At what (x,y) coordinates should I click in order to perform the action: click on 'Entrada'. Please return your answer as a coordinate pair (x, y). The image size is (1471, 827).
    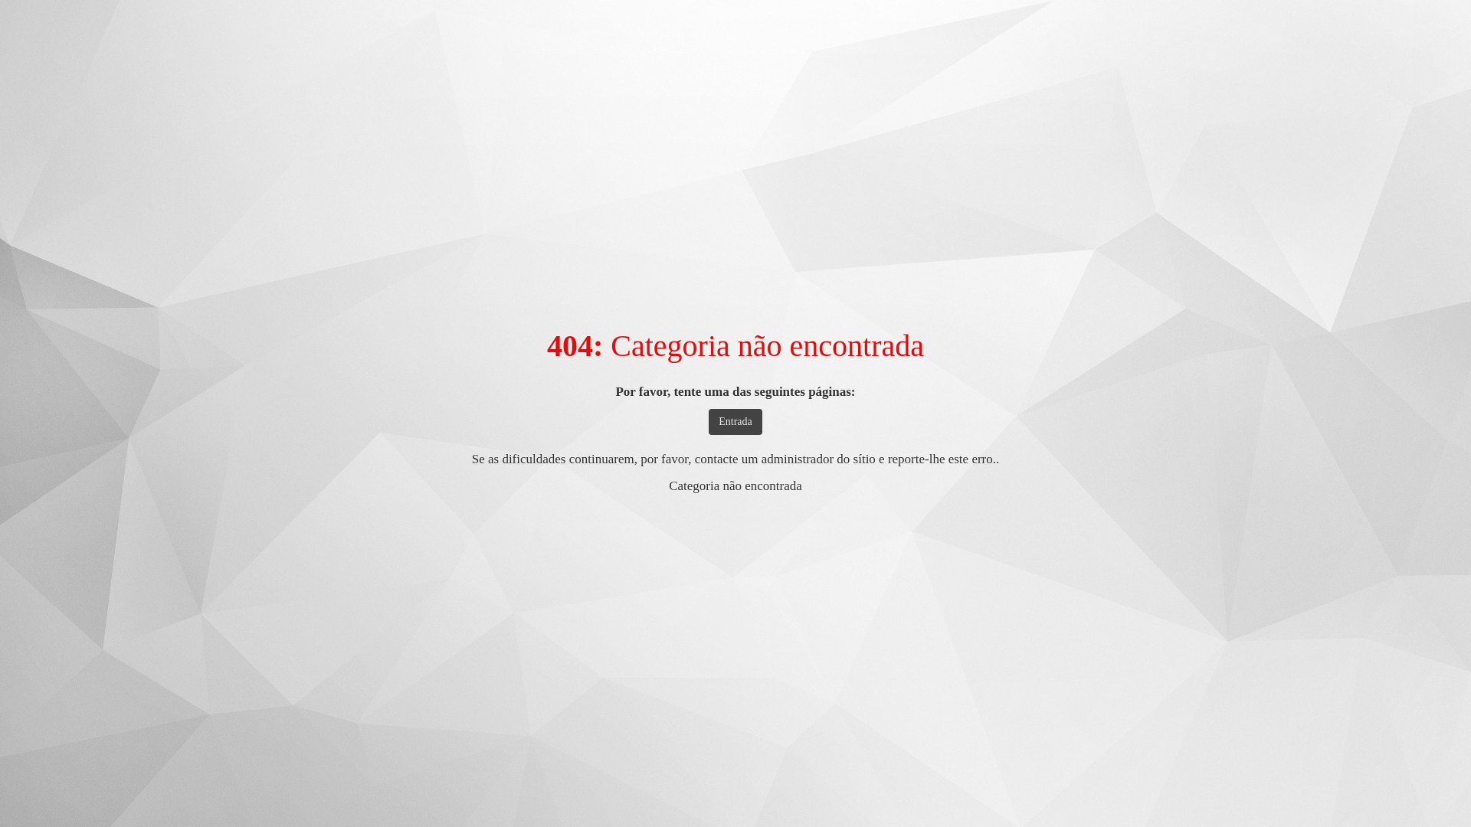
    Looking at the image, I should click on (708, 422).